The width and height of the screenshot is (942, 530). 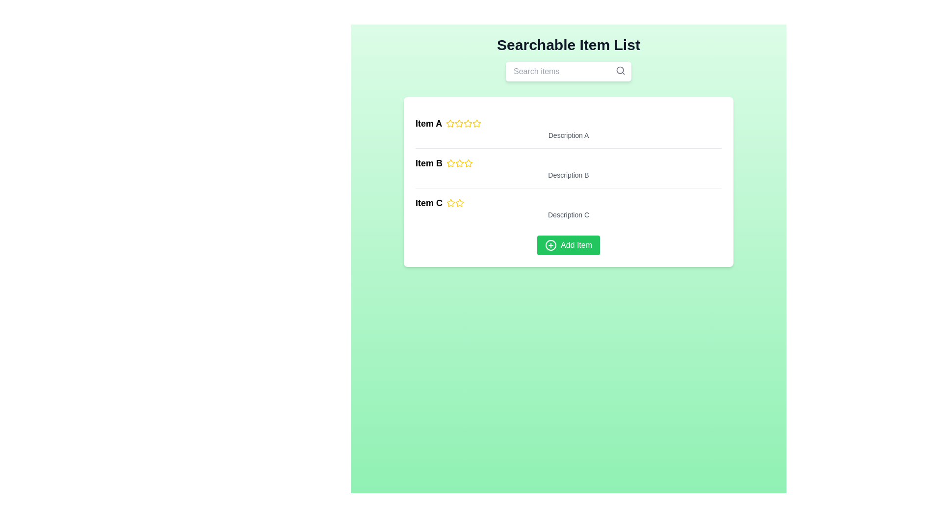 I want to click on the third star icon representing the rating for 'Item B', so click(x=468, y=162).